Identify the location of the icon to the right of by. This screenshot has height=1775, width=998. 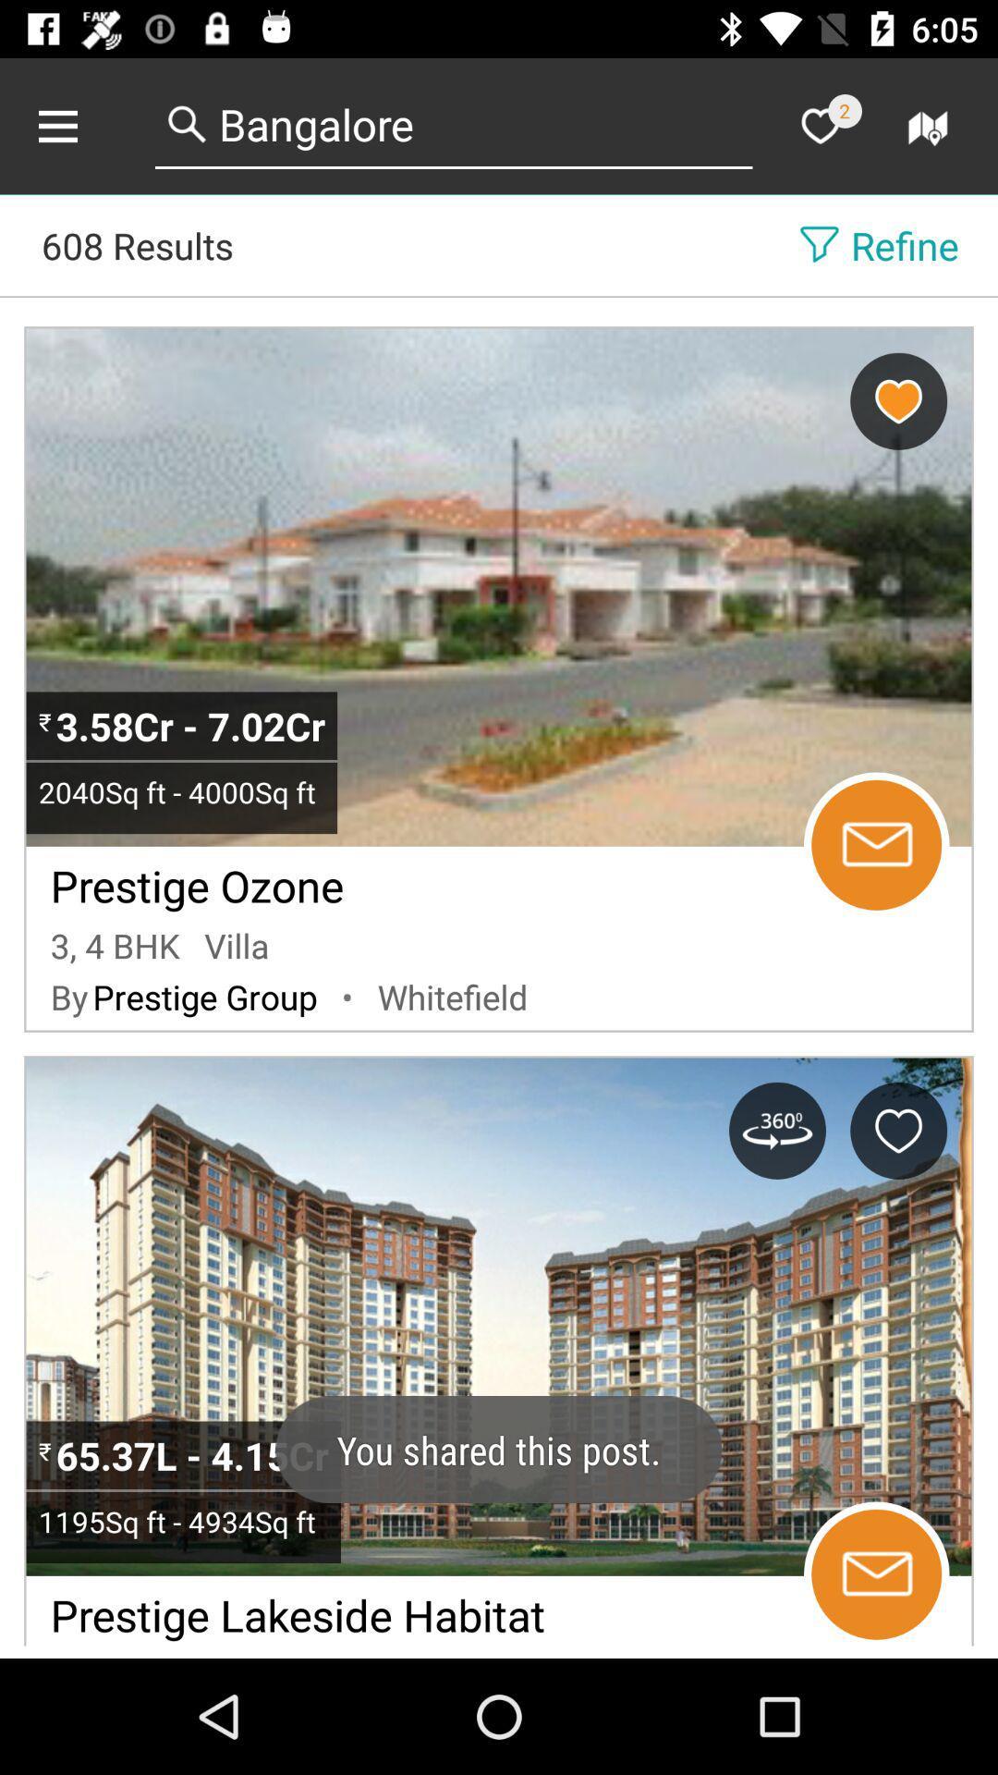
(205, 996).